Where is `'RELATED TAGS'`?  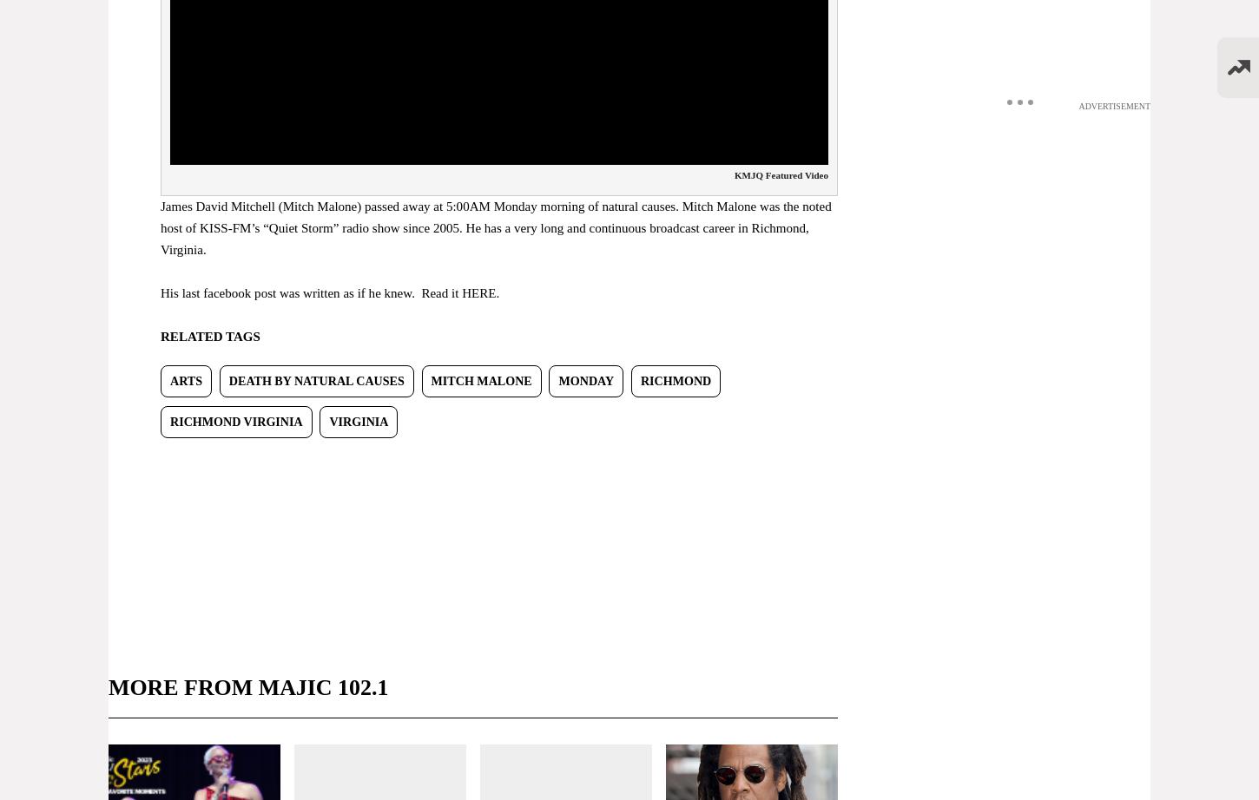
'RELATED TAGS' is located at coordinates (210, 334).